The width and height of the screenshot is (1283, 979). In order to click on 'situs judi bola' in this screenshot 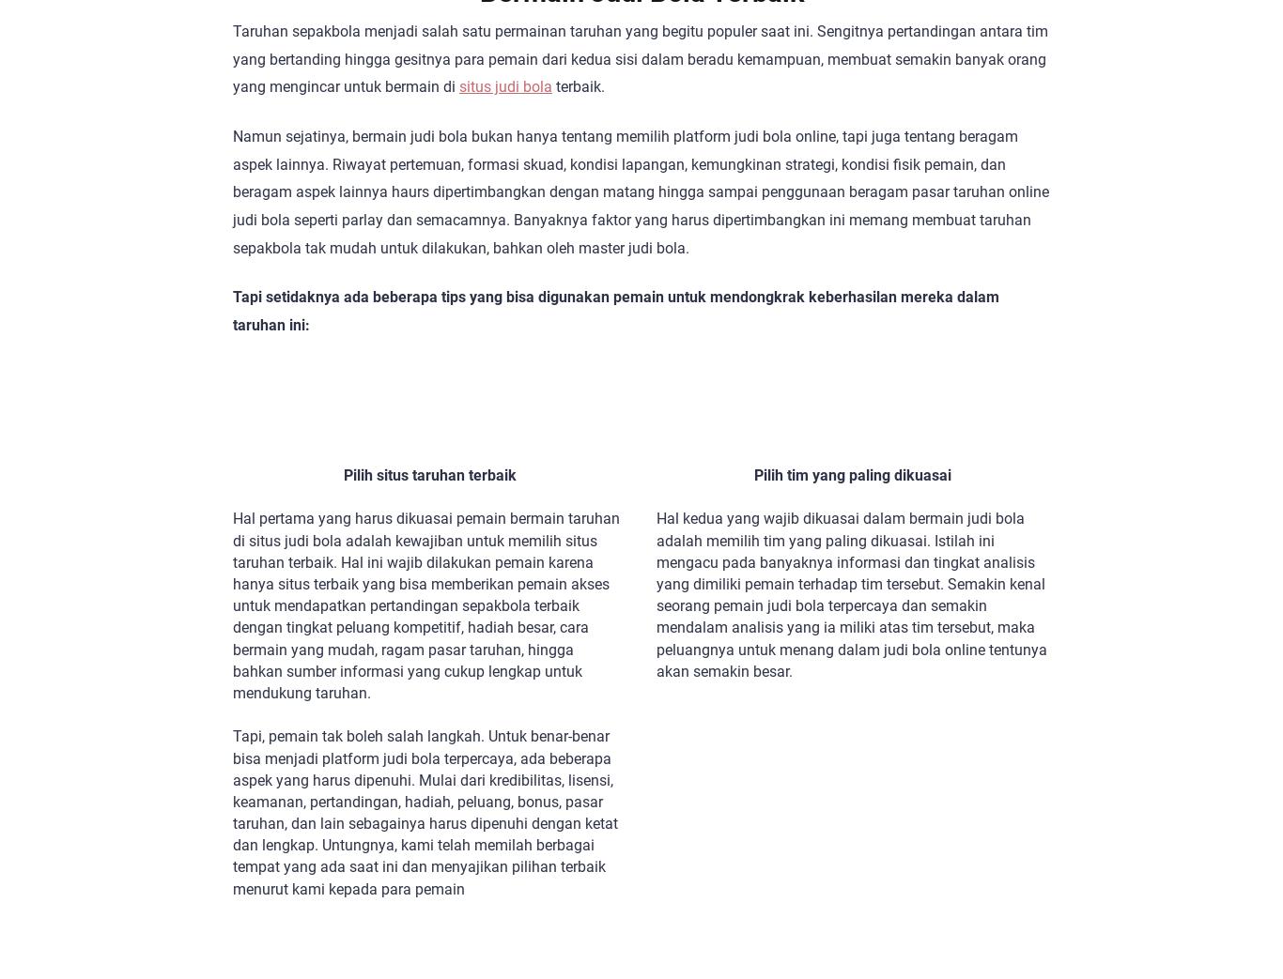, I will do `click(459, 86)`.